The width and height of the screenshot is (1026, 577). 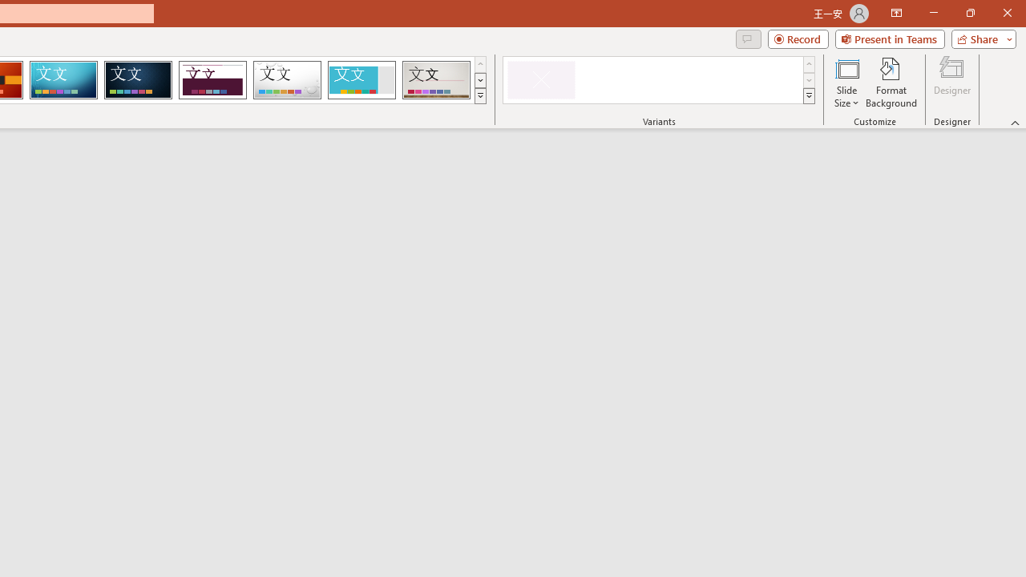 I want to click on 'Damask Loading Preview...', so click(x=138, y=80).